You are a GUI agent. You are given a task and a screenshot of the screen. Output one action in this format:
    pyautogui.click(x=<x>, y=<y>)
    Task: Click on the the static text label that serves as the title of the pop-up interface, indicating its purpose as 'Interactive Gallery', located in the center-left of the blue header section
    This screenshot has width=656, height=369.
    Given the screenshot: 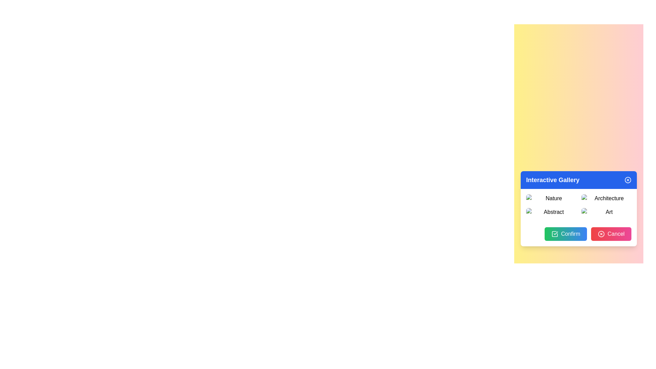 What is the action you would take?
    pyautogui.click(x=552, y=180)
    